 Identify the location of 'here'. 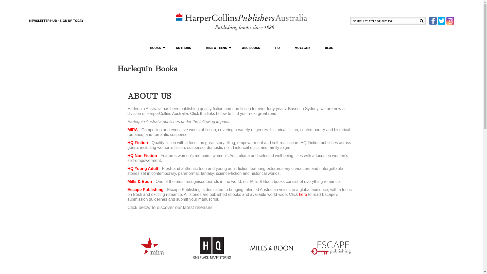
(303, 194).